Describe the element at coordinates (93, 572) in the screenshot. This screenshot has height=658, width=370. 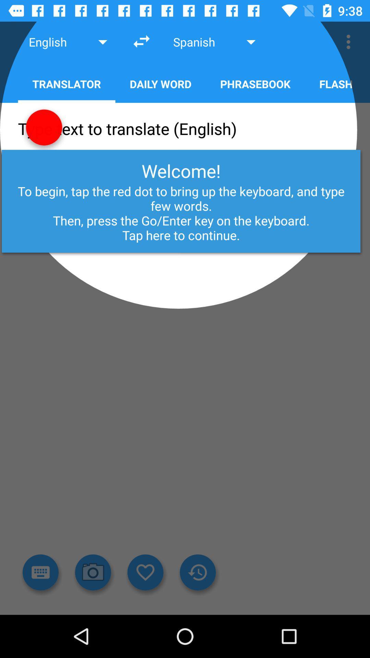
I see `the button beside keyboard symbol` at that location.